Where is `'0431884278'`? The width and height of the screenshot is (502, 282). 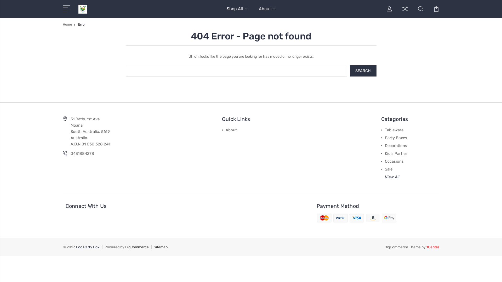 '0431884278' is located at coordinates (82, 153).